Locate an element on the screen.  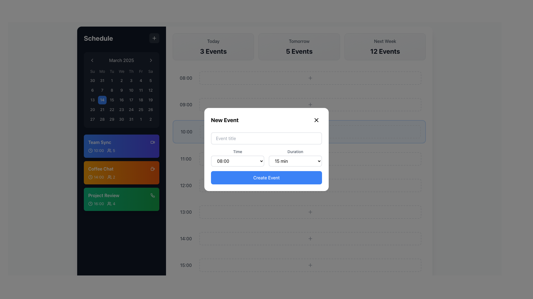
the Informational card displaying 'Next Week' and '12 Events' located in the top-right of the three-column grid layout is located at coordinates (385, 47).